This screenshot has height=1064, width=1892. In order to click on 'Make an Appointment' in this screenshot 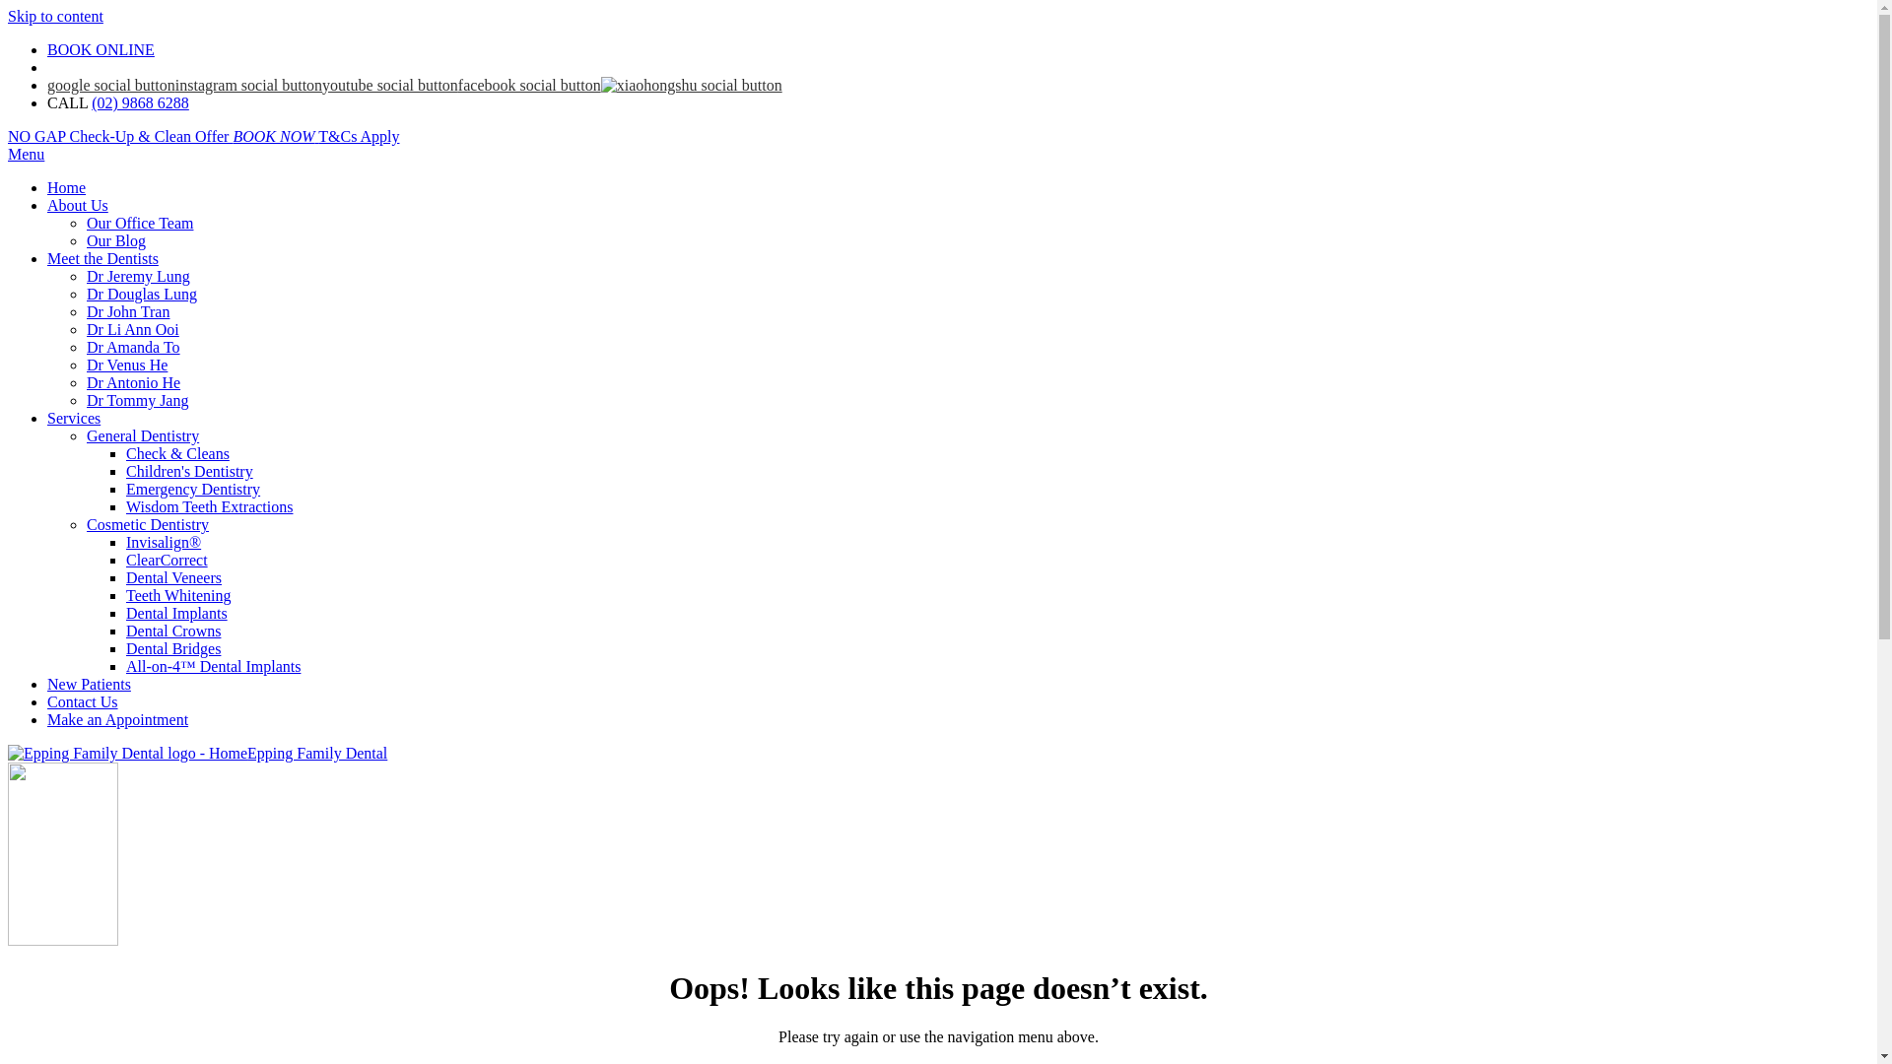, I will do `click(116, 719)`.